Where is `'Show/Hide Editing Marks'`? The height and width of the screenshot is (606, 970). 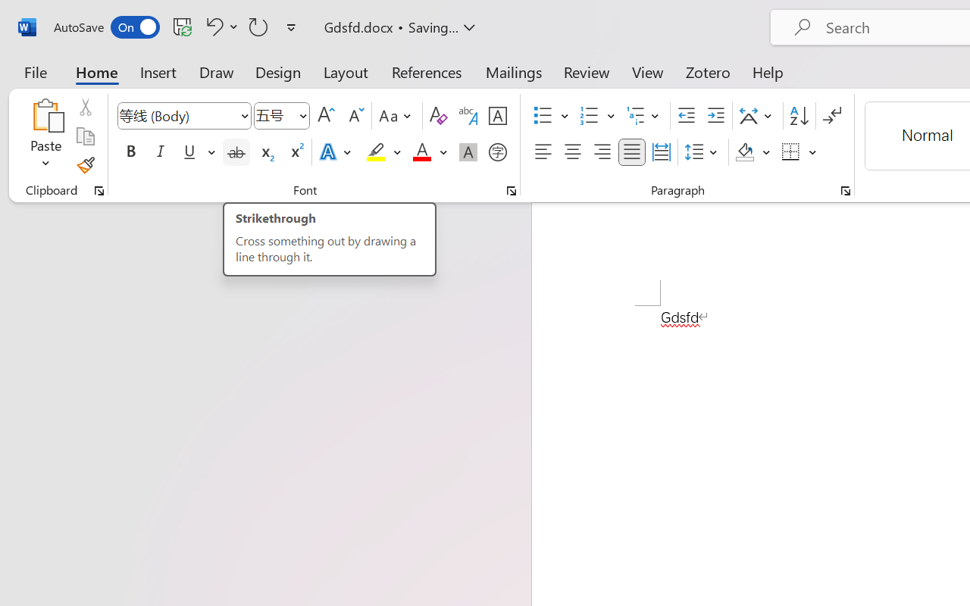 'Show/Hide Editing Marks' is located at coordinates (831, 116).